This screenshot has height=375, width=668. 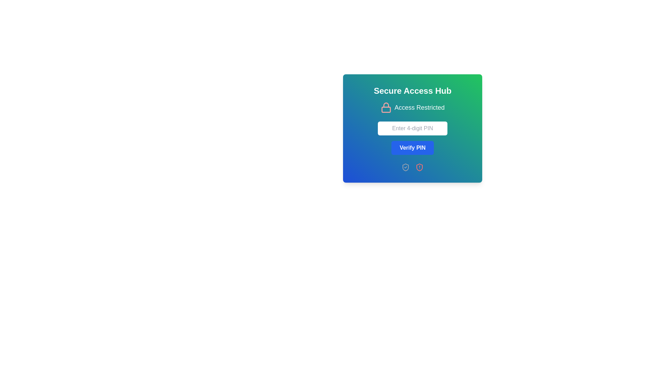 I want to click on the confirmation button for the PIN entry located in the 'Secure Access Hub', positioned below the 'Enter 4-digit PIN' input field, so click(x=412, y=147).